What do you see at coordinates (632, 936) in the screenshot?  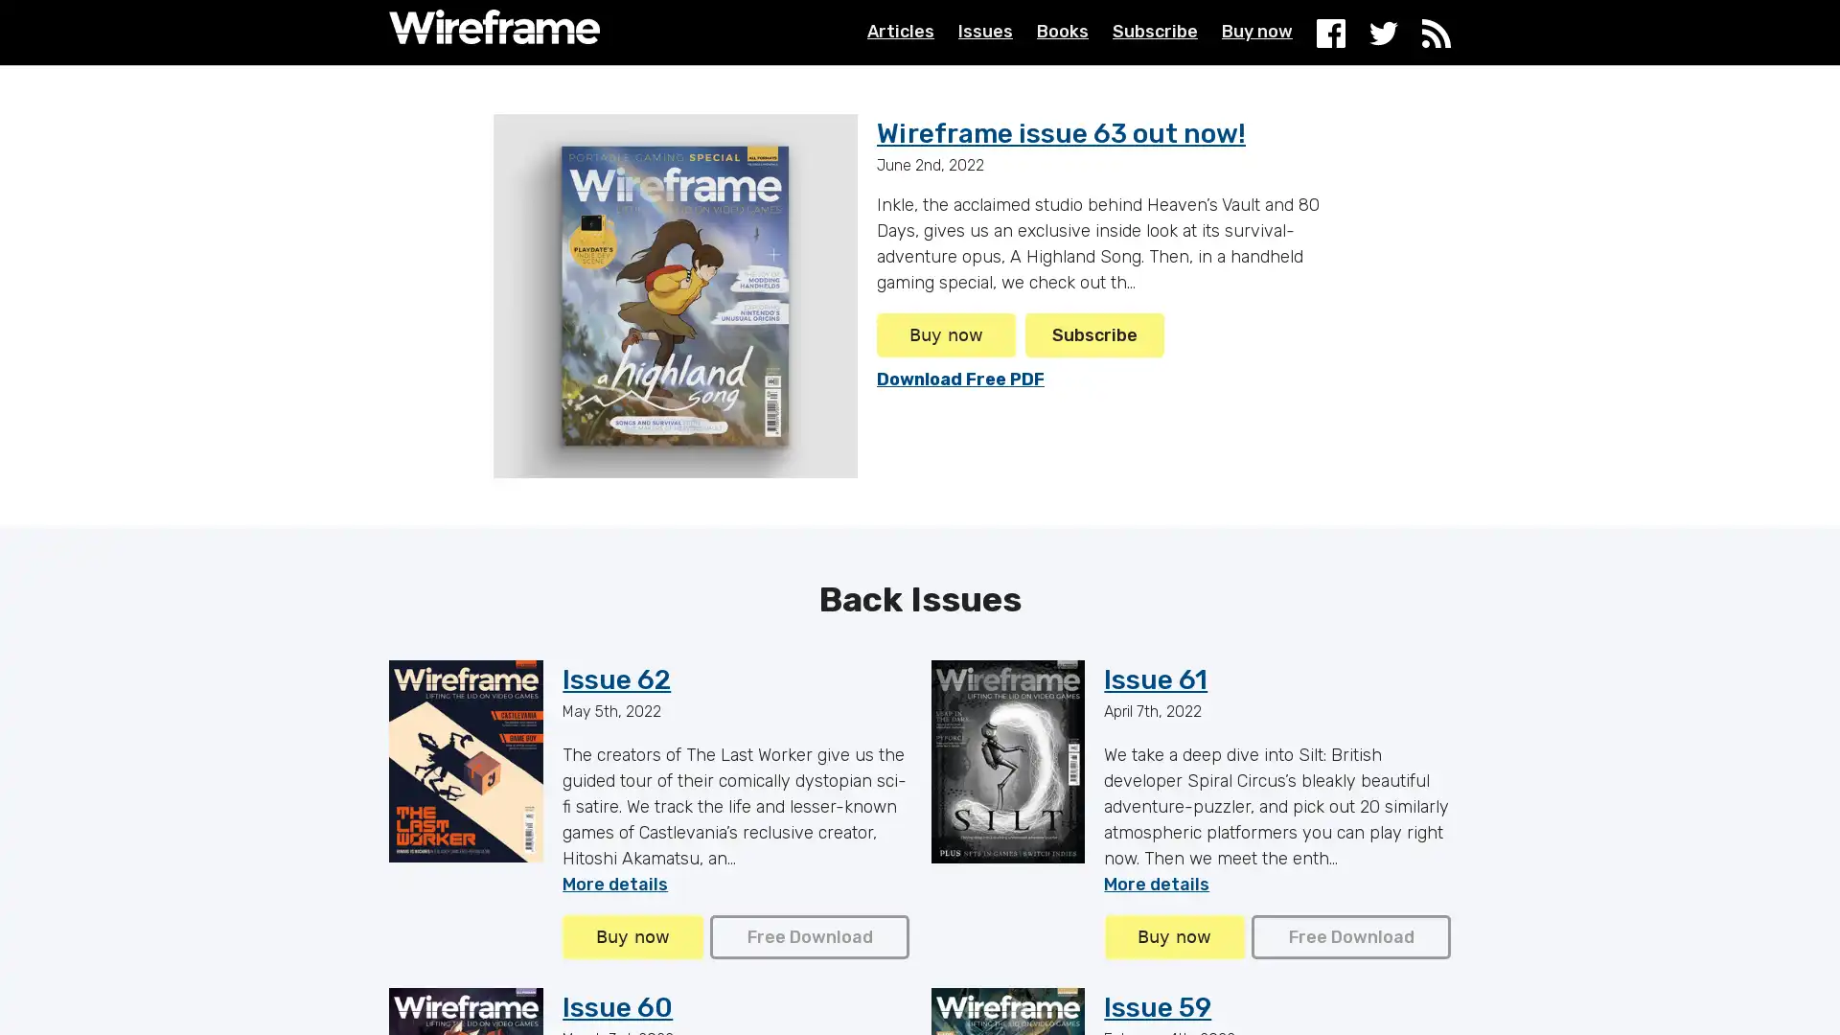 I see `Buy now` at bounding box center [632, 936].